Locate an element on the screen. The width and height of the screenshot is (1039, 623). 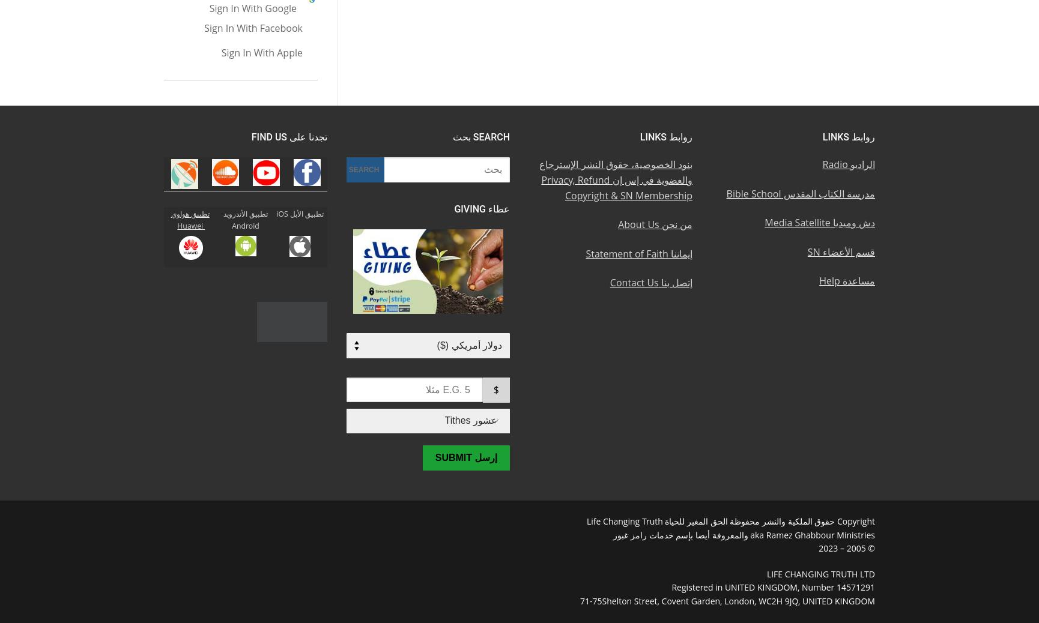
'إتصل بنا Contact Us' is located at coordinates (650, 283).